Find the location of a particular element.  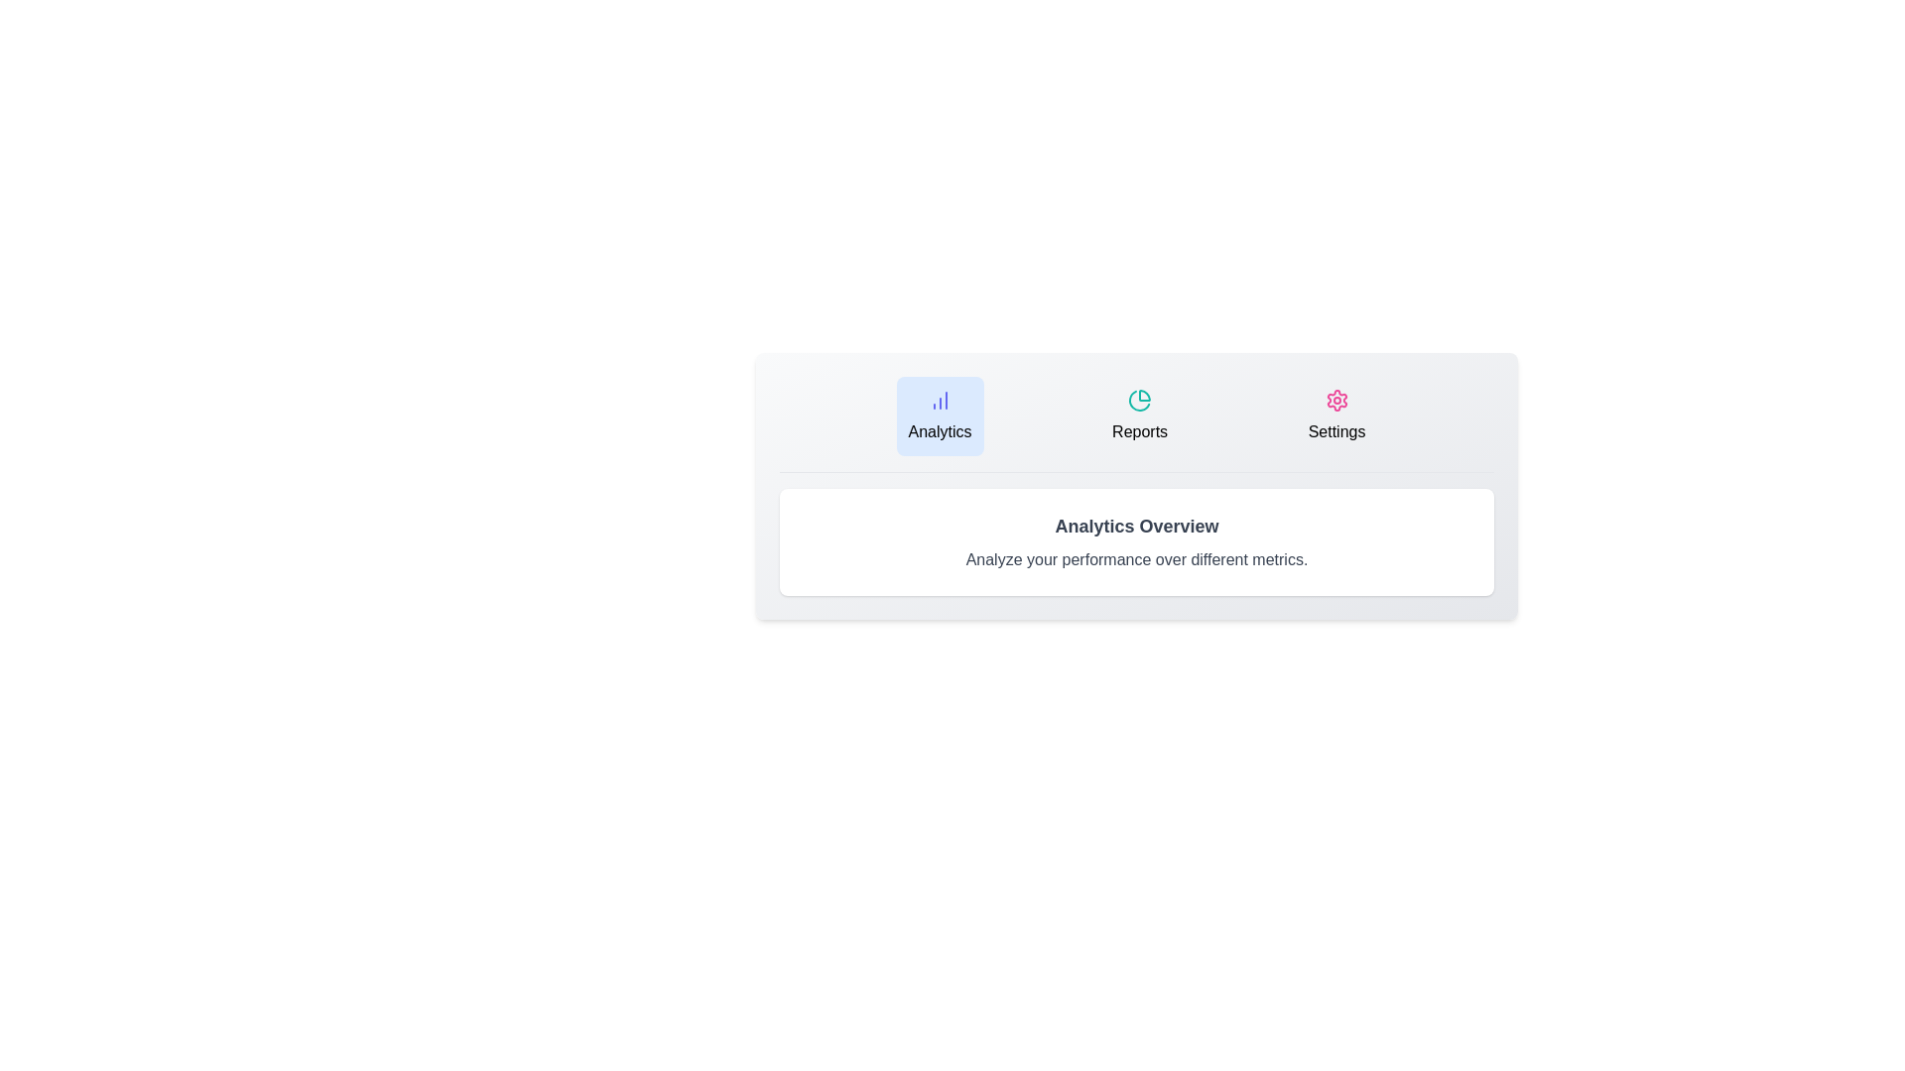

the tab labeled Analytics to switch to its content is located at coordinates (939, 416).